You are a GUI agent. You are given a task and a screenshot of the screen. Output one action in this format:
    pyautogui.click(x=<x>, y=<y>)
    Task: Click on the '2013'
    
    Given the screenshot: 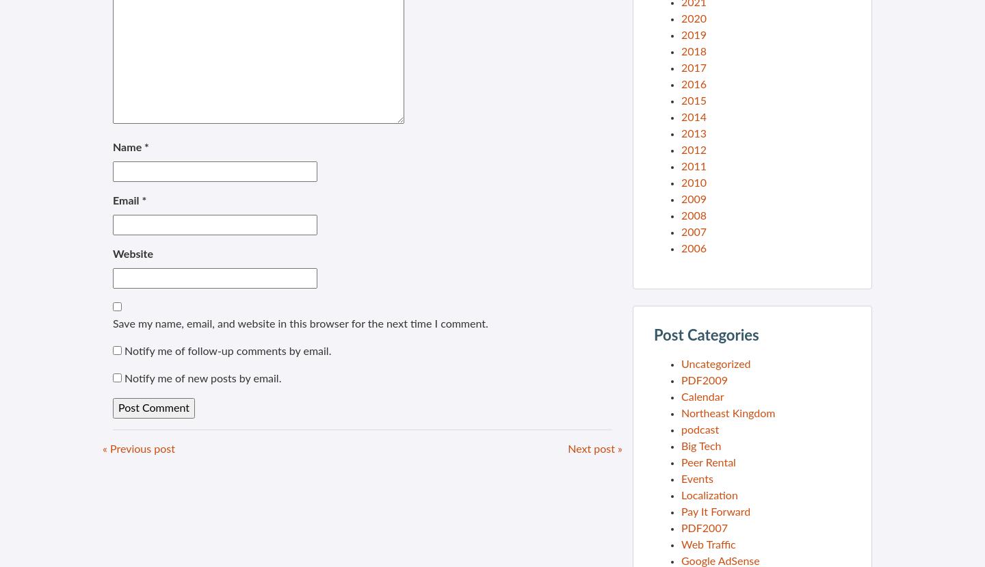 What is the action you would take?
    pyautogui.click(x=693, y=133)
    